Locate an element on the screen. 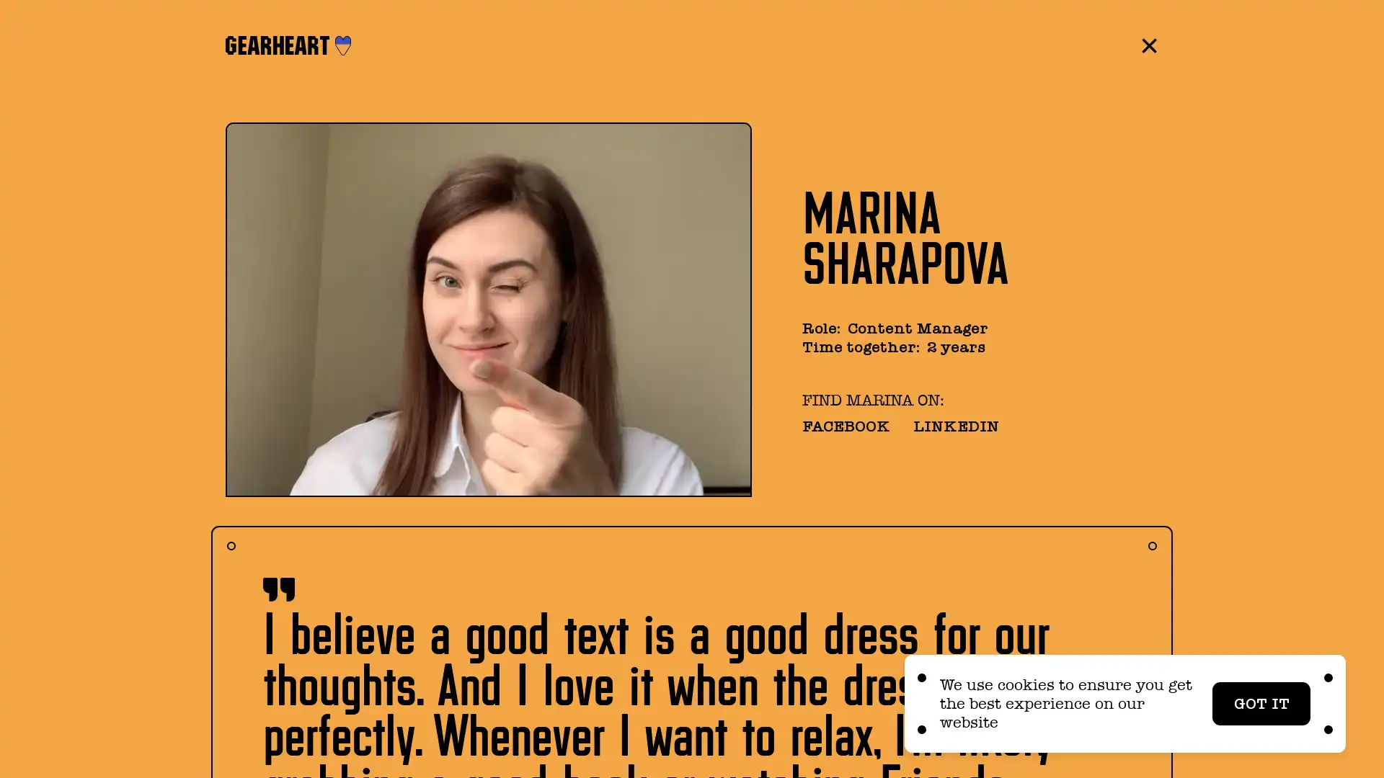 The height and width of the screenshot is (778, 1384). GOT IT is located at coordinates (1261, 702).